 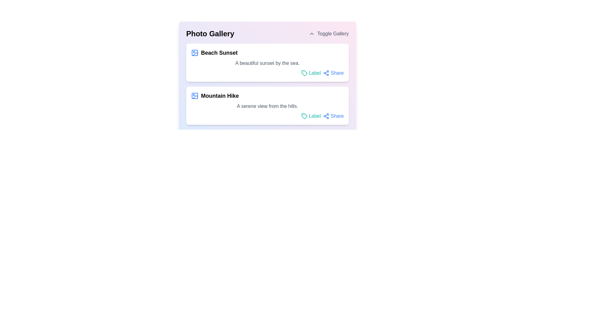 What do you see at coordinates (312, 34) in the screenshot?
I see `the upward-pointing chevron icon` at bounding box center [312, 34].